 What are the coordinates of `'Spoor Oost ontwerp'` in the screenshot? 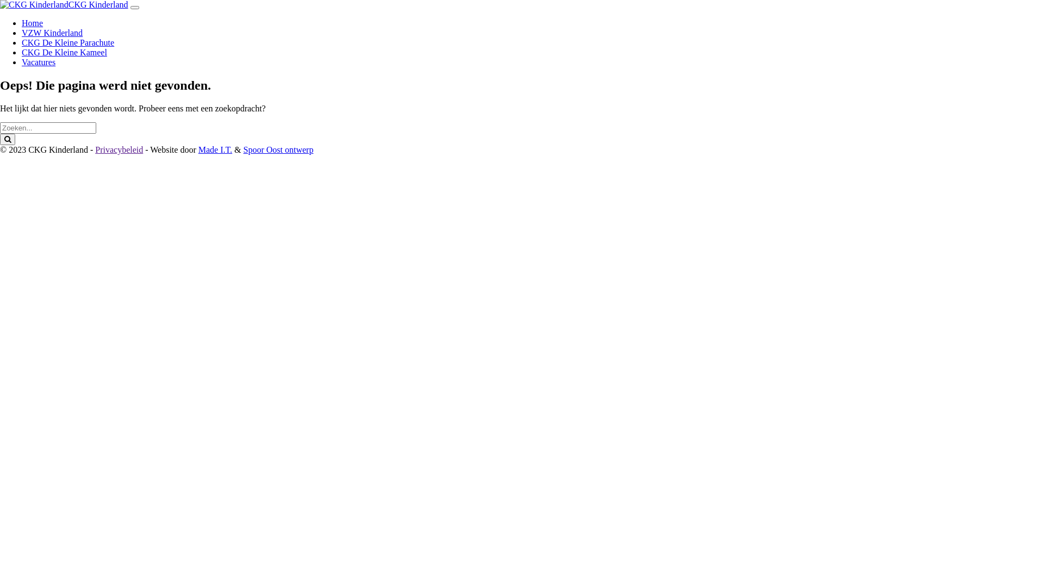 It's located at (243, 149).